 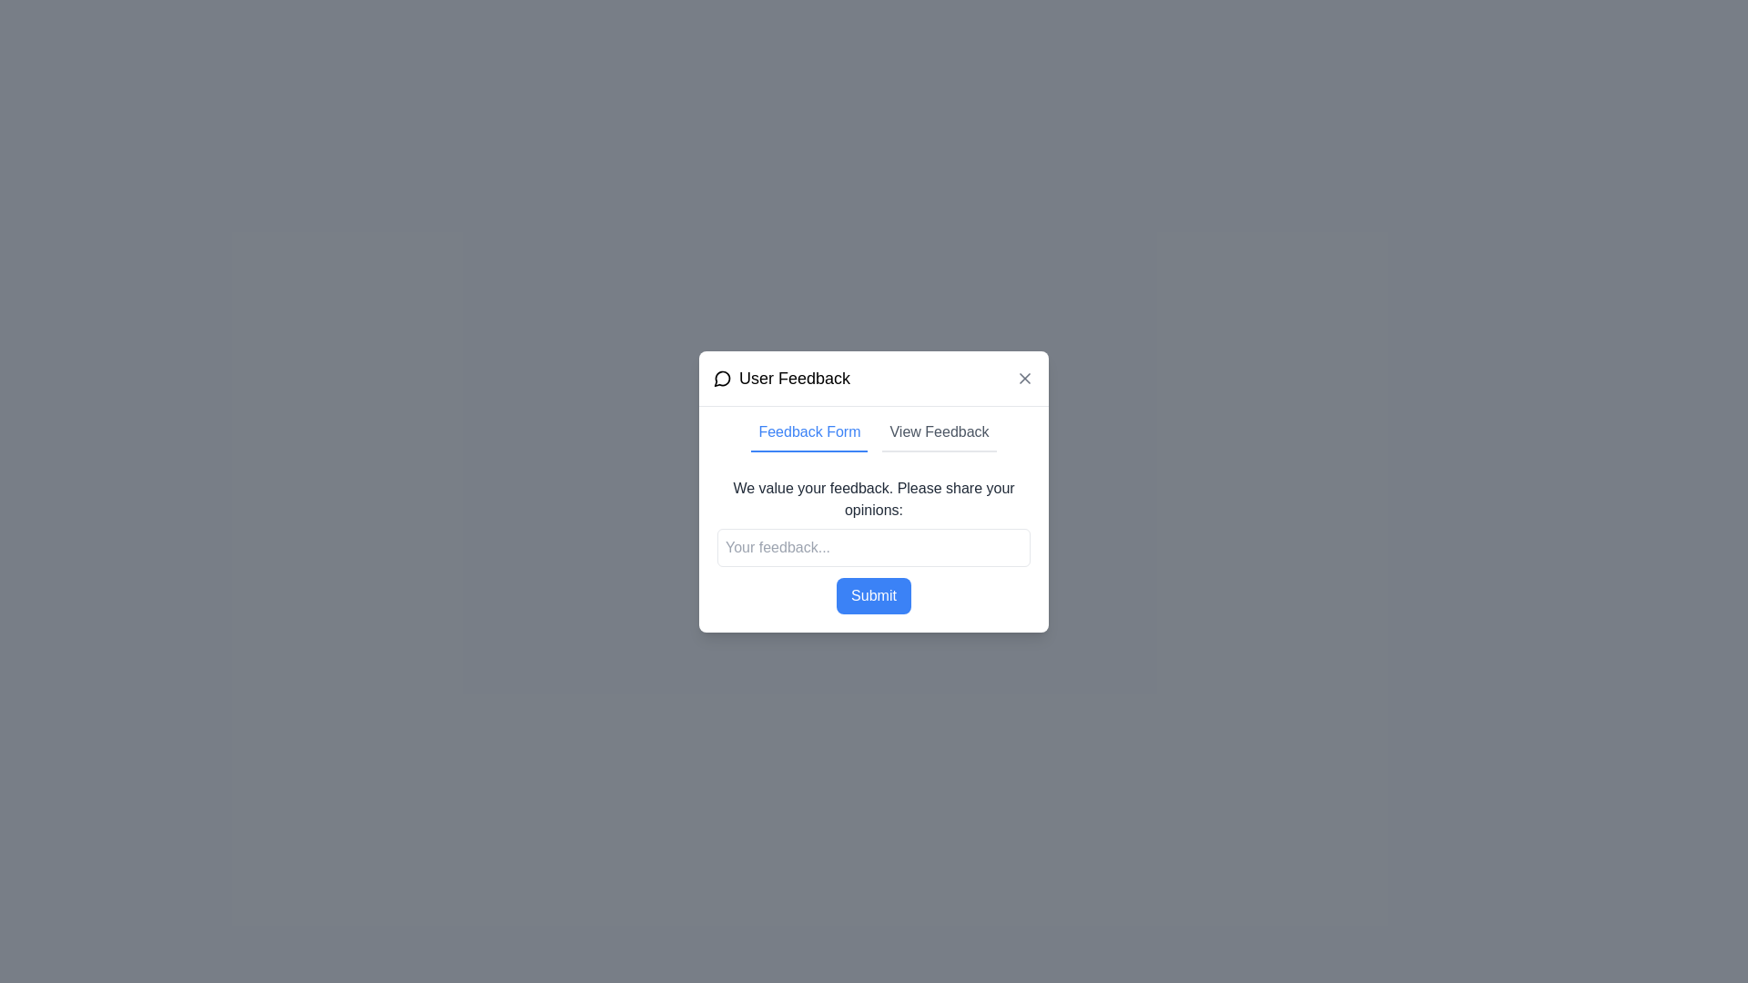 What do you see at coordinates (1025, 377) in the screenshot?
I see `the Close button located in the top-right corner of the 'User Feedback' modal dialog` at bounding box center [1025, 377].